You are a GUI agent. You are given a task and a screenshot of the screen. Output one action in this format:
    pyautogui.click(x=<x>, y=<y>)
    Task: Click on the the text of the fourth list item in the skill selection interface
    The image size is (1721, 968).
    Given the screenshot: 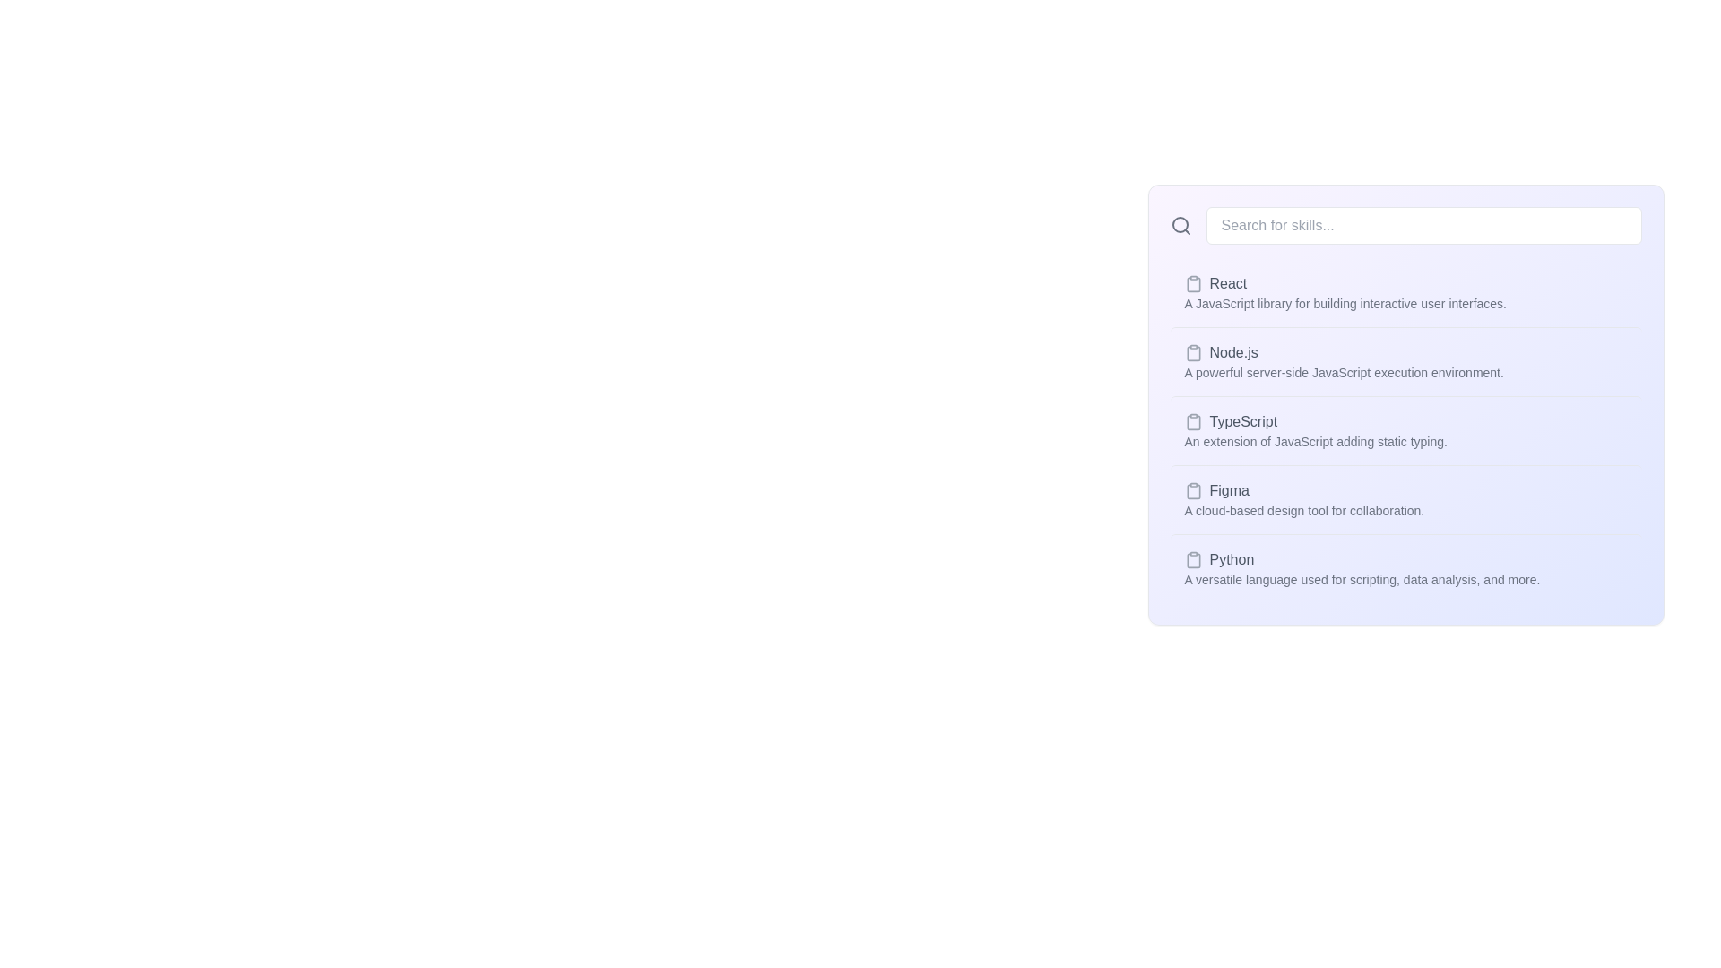 What is the action you would take?
    pyautogui.click(x=1405, y=499)
    